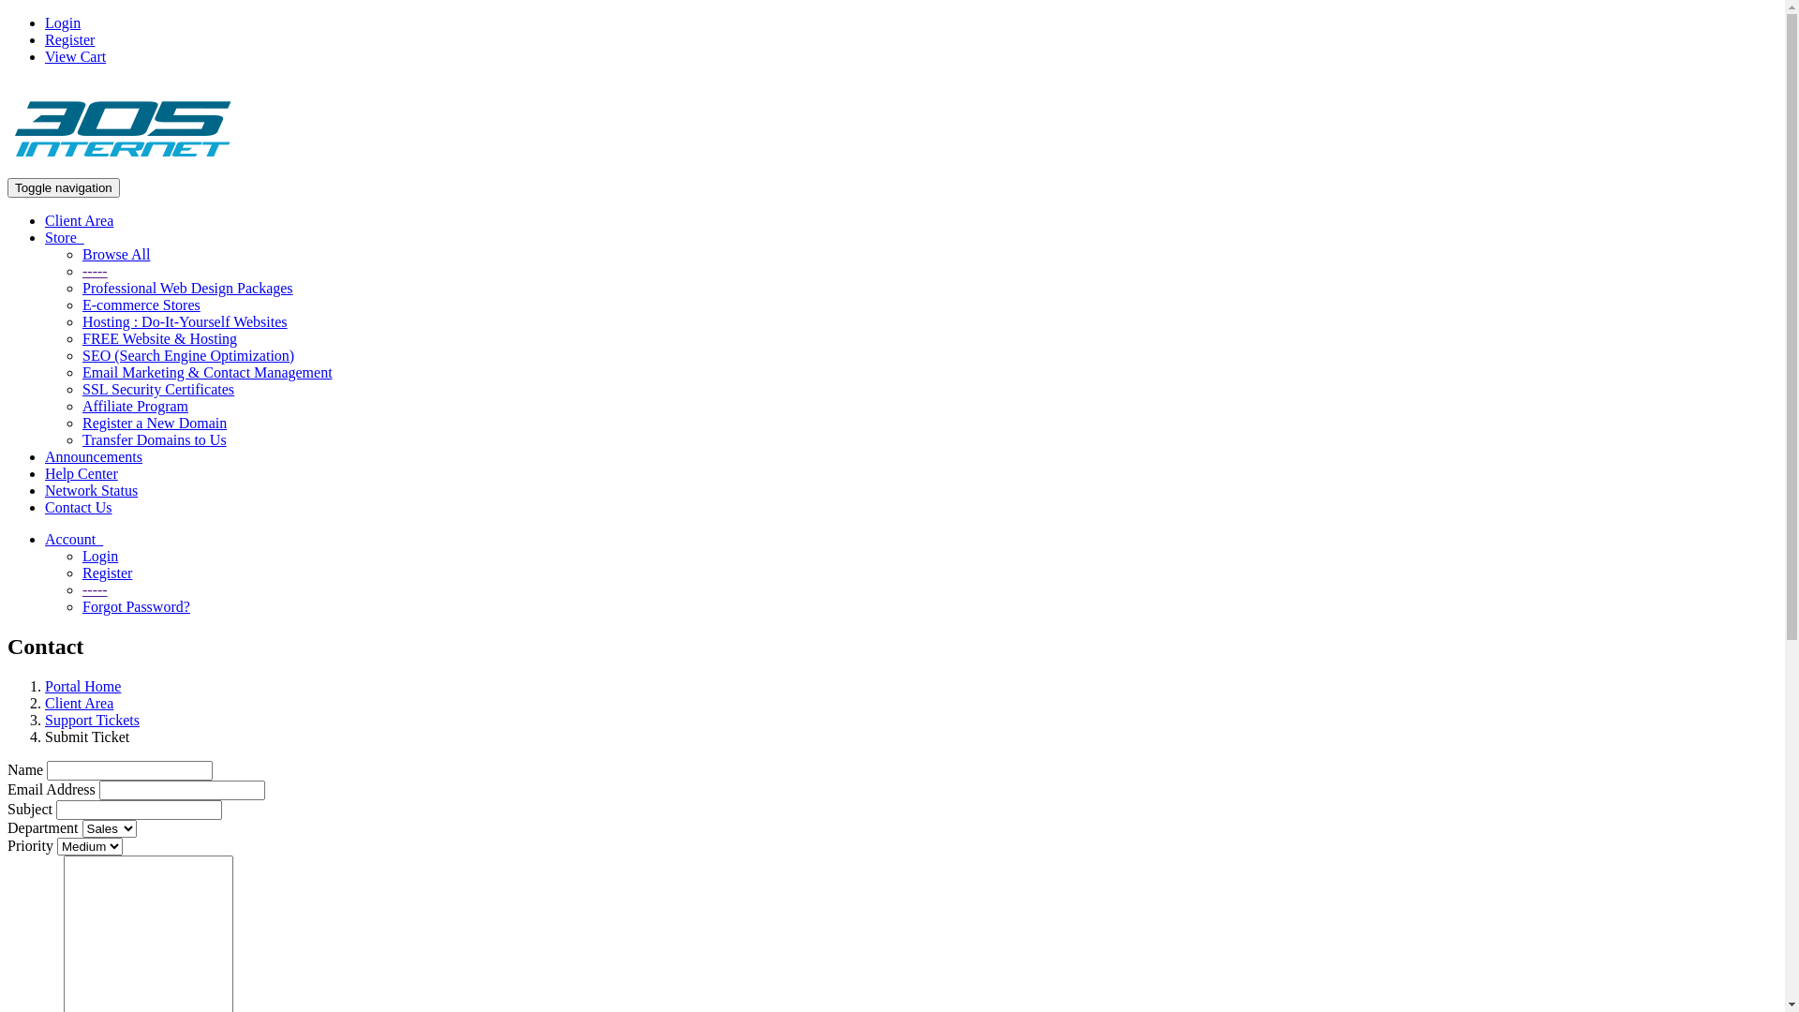  Describe the element at coordinates (45, 703) in the screenshot. I see `'Client Area'` at that location.